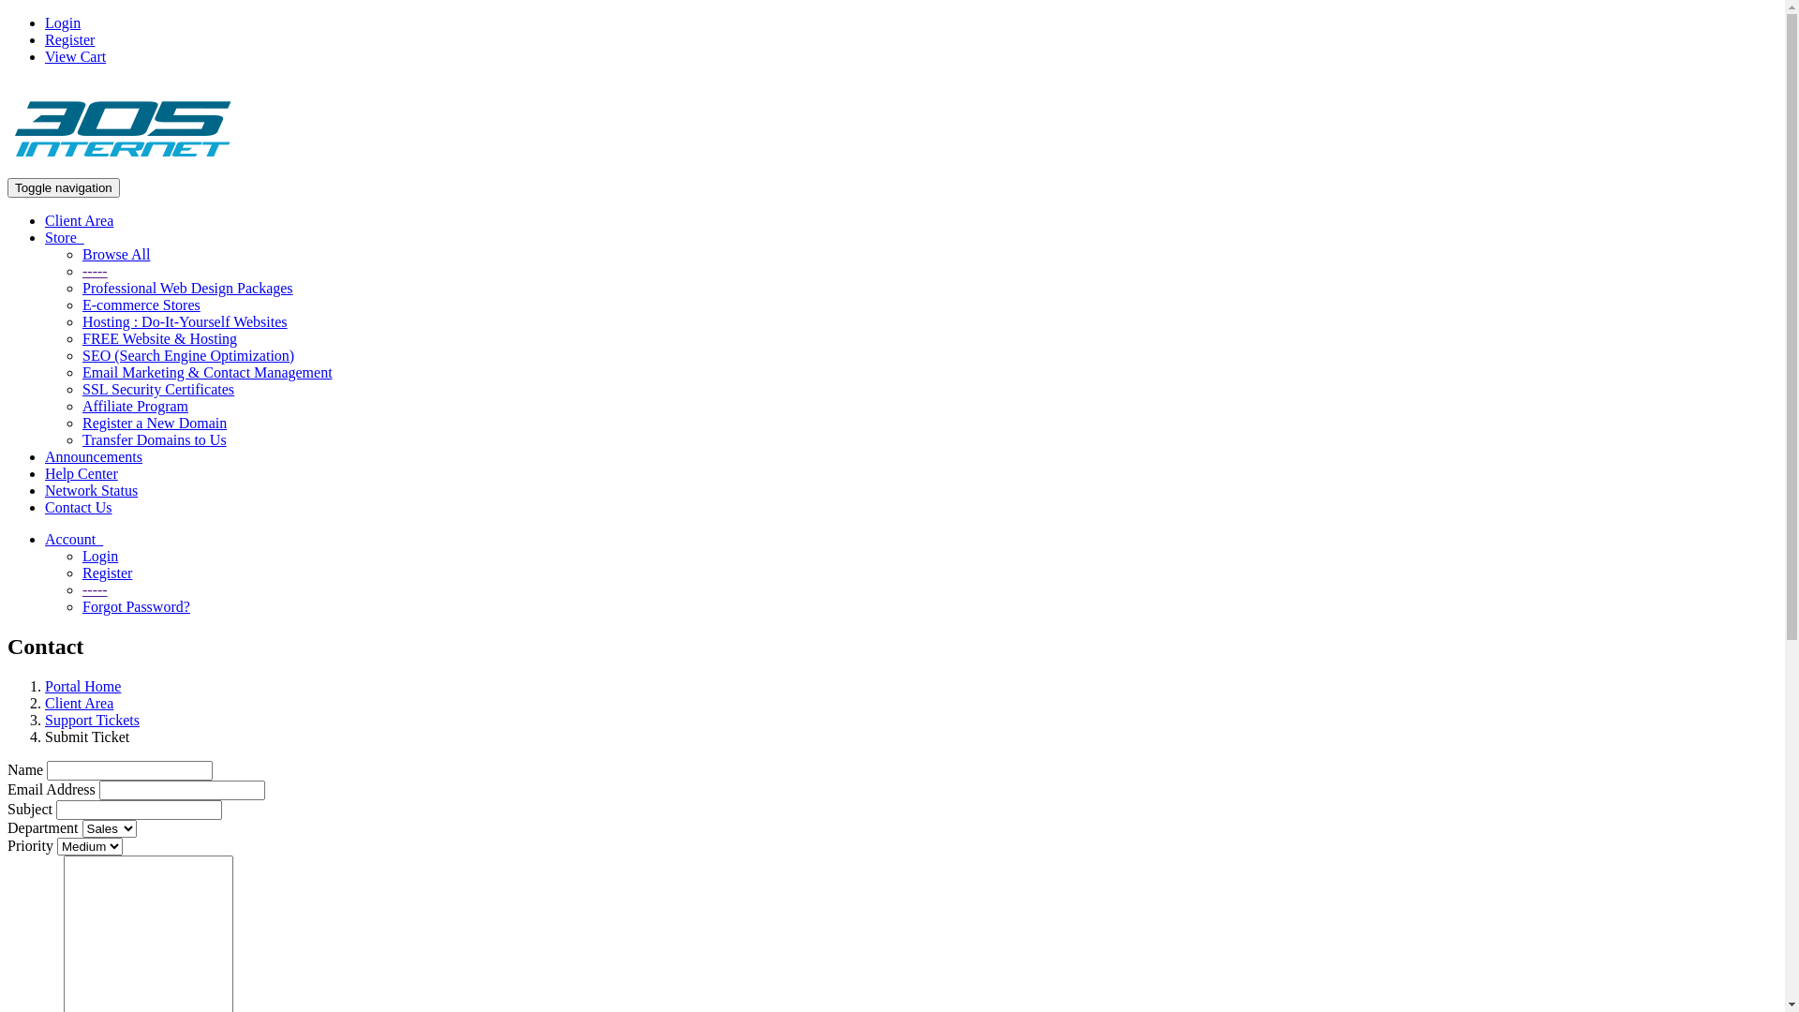  Describe the element at coordinates (45, 703) in the screenshot. I see `'Client Area'` at that location.